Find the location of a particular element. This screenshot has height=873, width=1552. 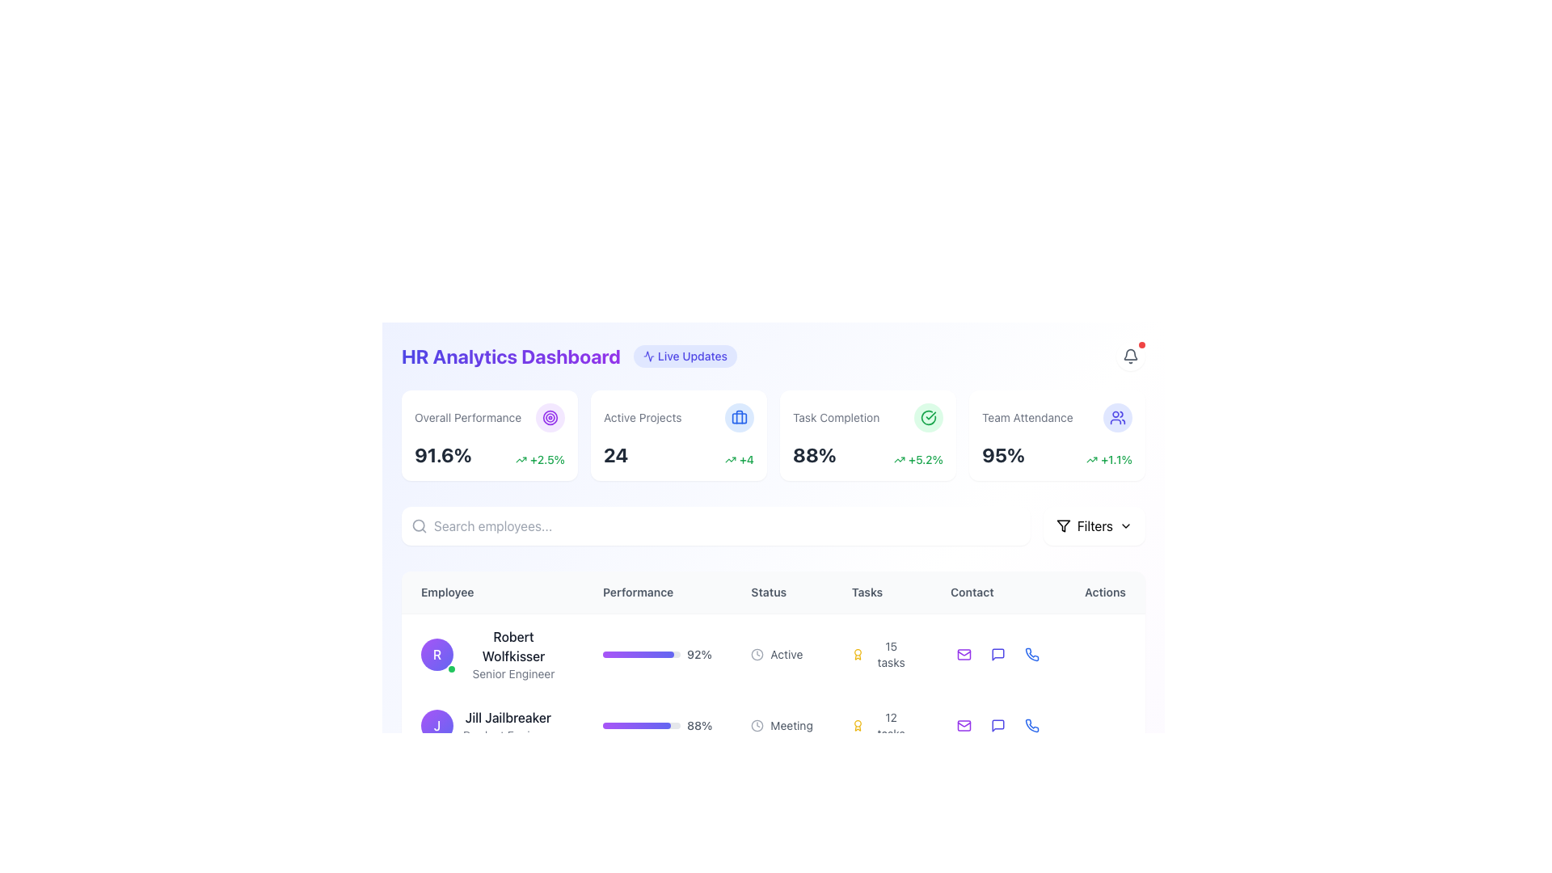

the Button or Dropdown Indicator located to the right of the 'Filters' label is located at coordinates (1124, 526).